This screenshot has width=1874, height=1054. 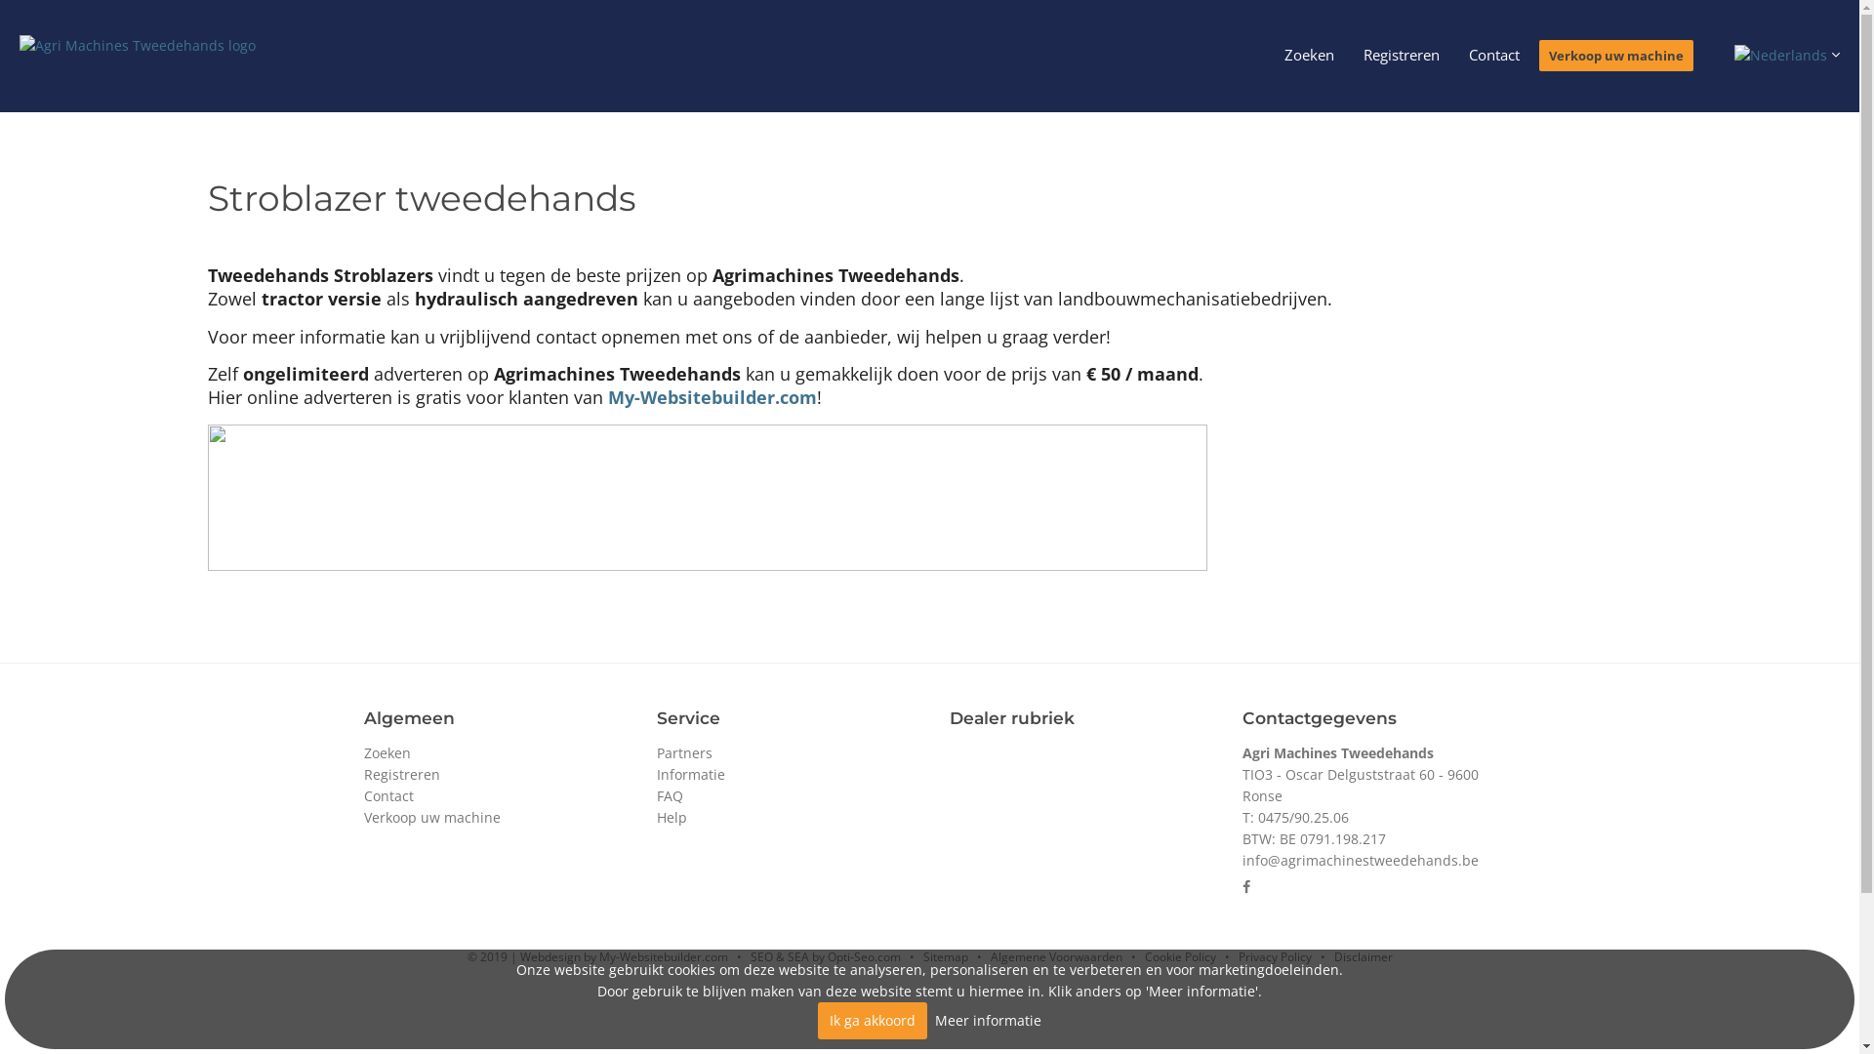 I want to click on 'My-Websitebuilder.com', so click(x=606, y=396).